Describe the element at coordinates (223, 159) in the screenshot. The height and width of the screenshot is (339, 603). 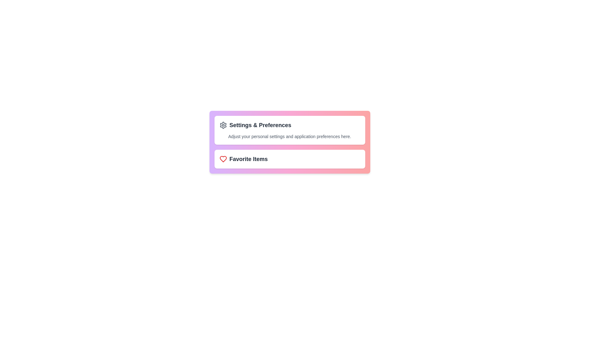
I see `the heart icon in the 'Favorite Items' section, which is located to the left of the text label and visually emphasizes the concept of 'favorites'` at that location.